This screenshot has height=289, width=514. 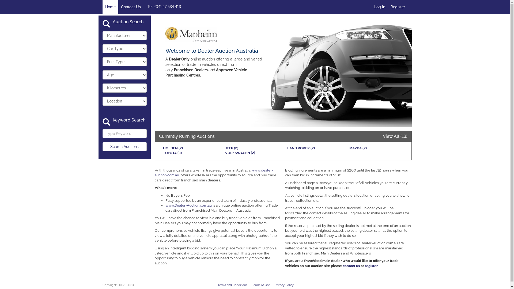 I want to click on 'Home', so click(x=110, y=7).